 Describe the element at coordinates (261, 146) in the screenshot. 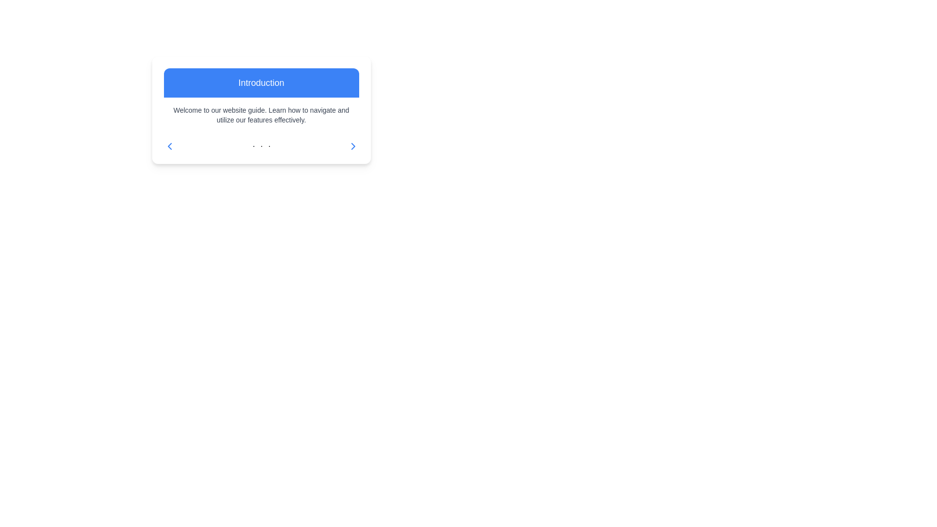

I see `the second Indicator Dot at the bottom of the card that indicates the currently active page in a multi-step interface` at that location.